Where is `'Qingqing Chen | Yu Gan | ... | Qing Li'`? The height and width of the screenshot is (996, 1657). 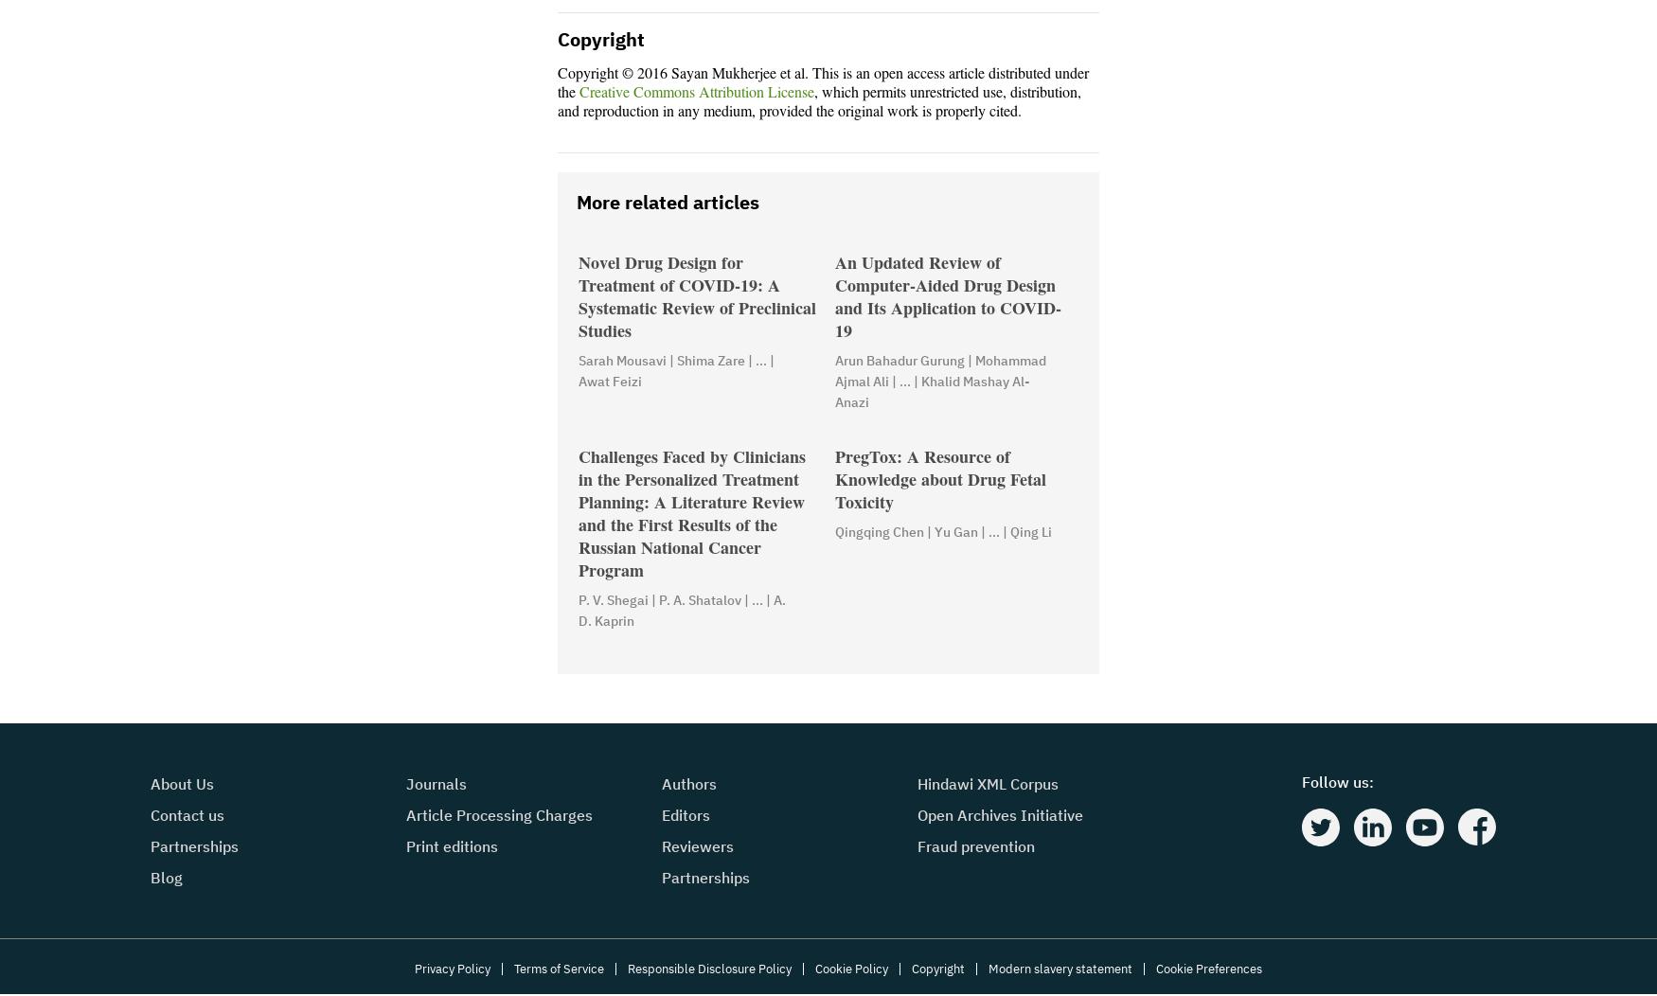 'Qingqing Chen | Yu Gan | ... | Qing Li' is located at coordinates (943, 533).